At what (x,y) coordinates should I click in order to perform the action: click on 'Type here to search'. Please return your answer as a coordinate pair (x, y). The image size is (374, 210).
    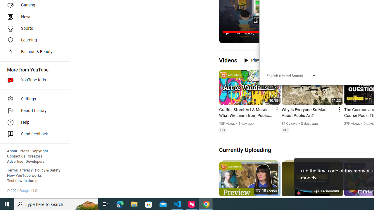
    Looking at the image, I should click on (56, 204).